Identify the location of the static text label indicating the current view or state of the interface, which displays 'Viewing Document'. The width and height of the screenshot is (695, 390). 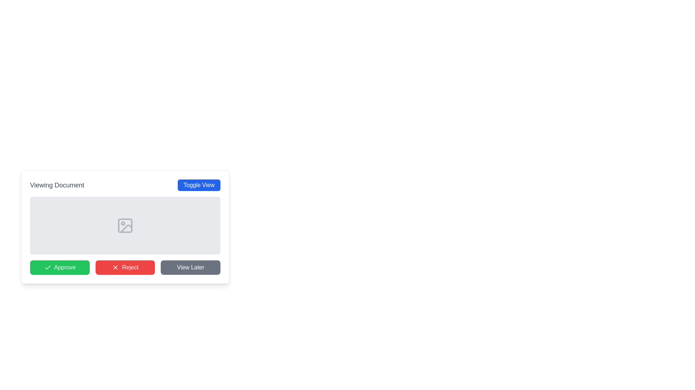
(56, 185).